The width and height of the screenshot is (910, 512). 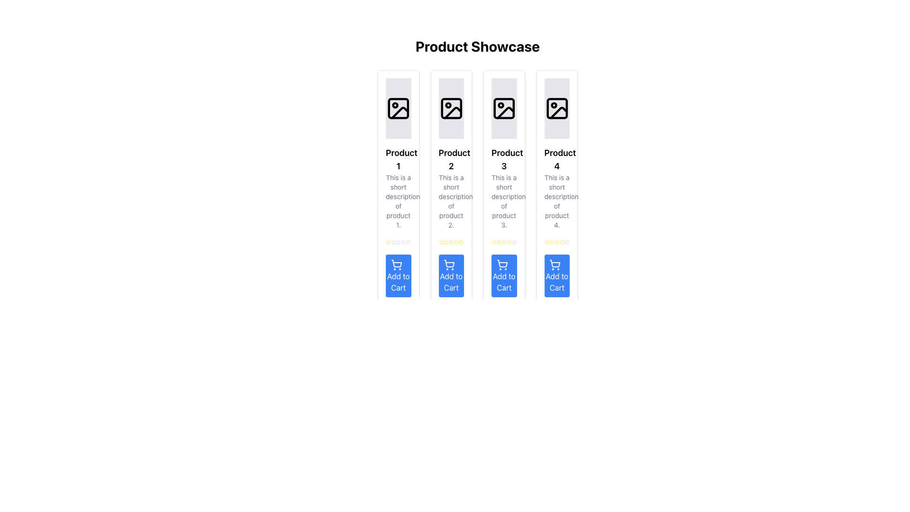 I want to click on the star rating icon located in the second column of the product showcase for 'Product 2', positioned directly below the product description and above the 'Add to Cart' button, so click(x=461, y=241).